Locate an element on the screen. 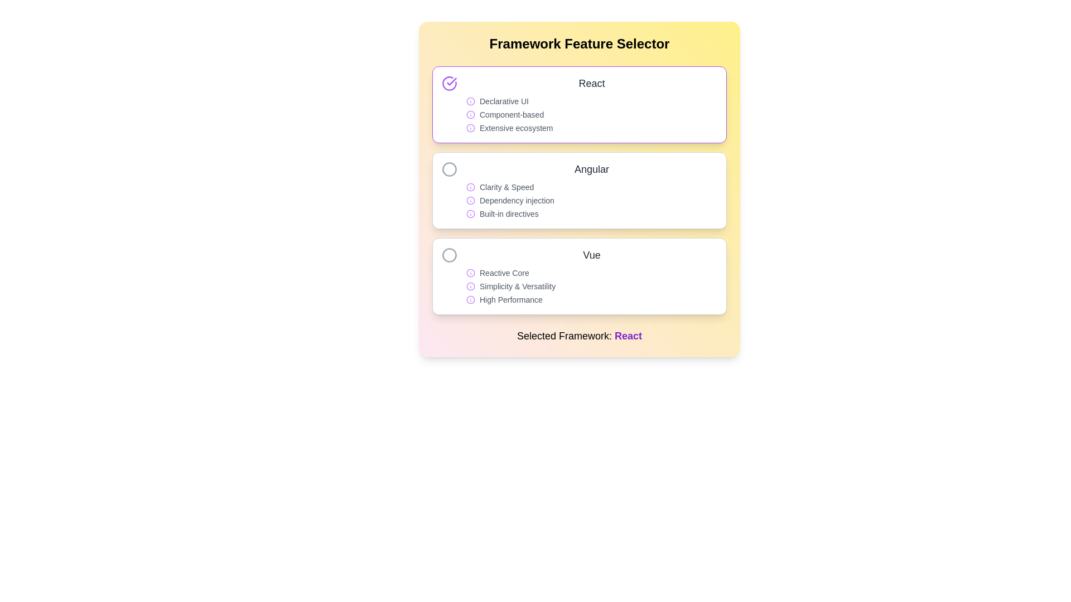 The height and width of the screenshot is (602, 1071). the visual effect of the Circle SVG component that serves as a visual marker for the 'Angular' option is located at coordinates (450, 169).